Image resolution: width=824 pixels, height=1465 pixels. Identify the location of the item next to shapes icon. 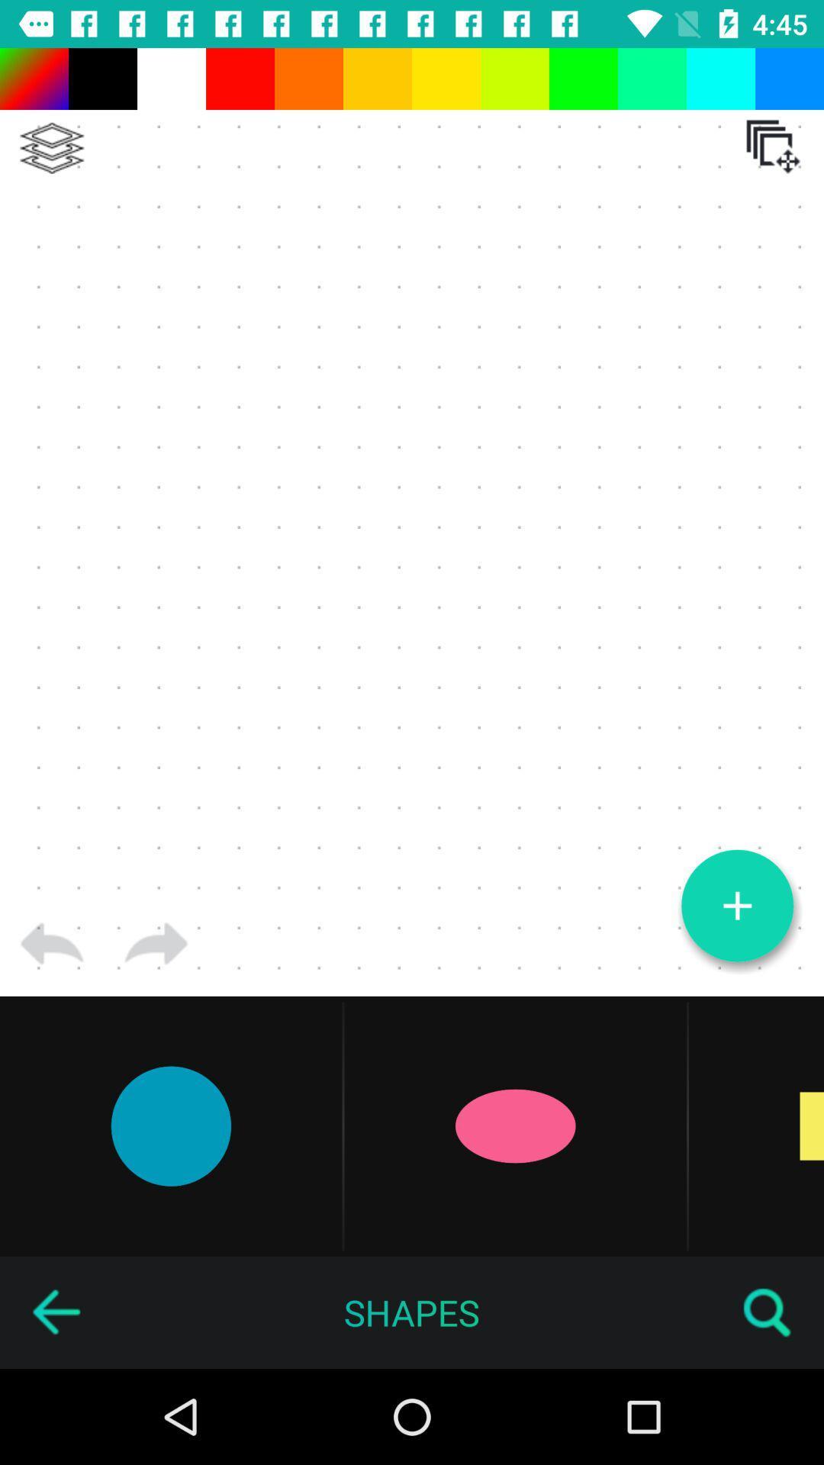
(55, 1312).